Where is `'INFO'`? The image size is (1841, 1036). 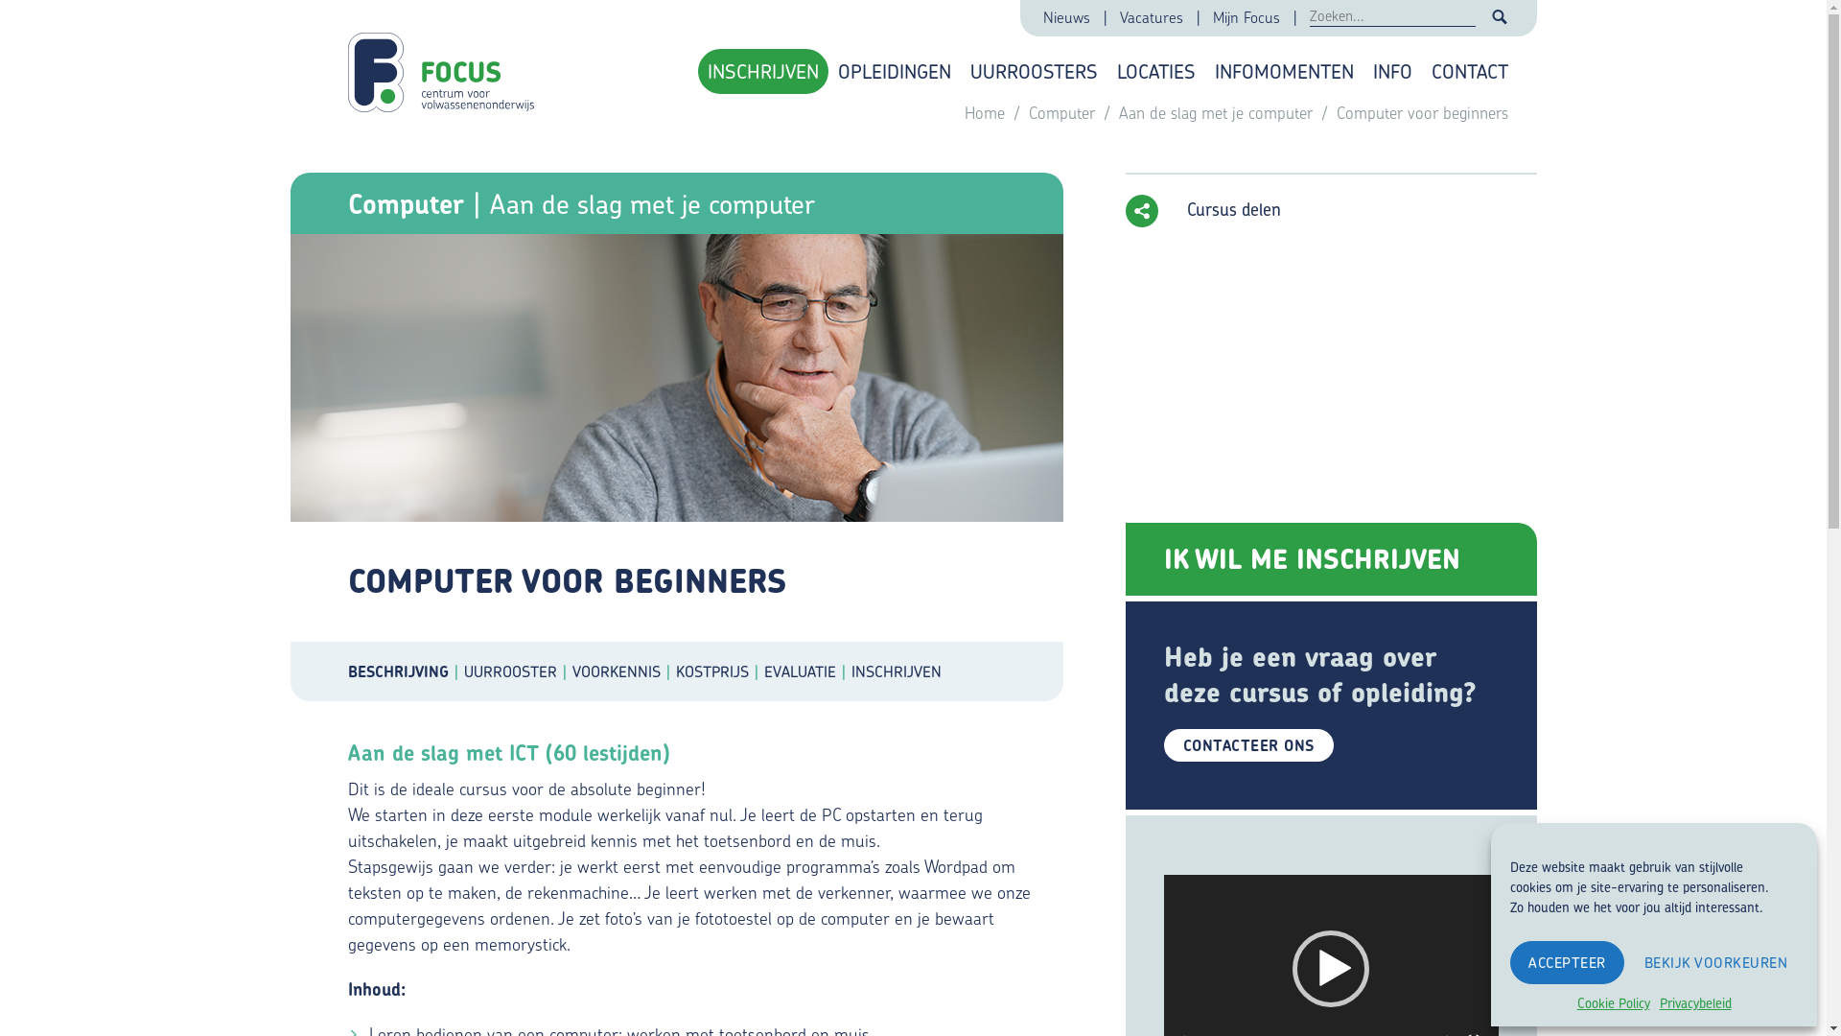 'INFO' is located at coordinates (1392, 70).